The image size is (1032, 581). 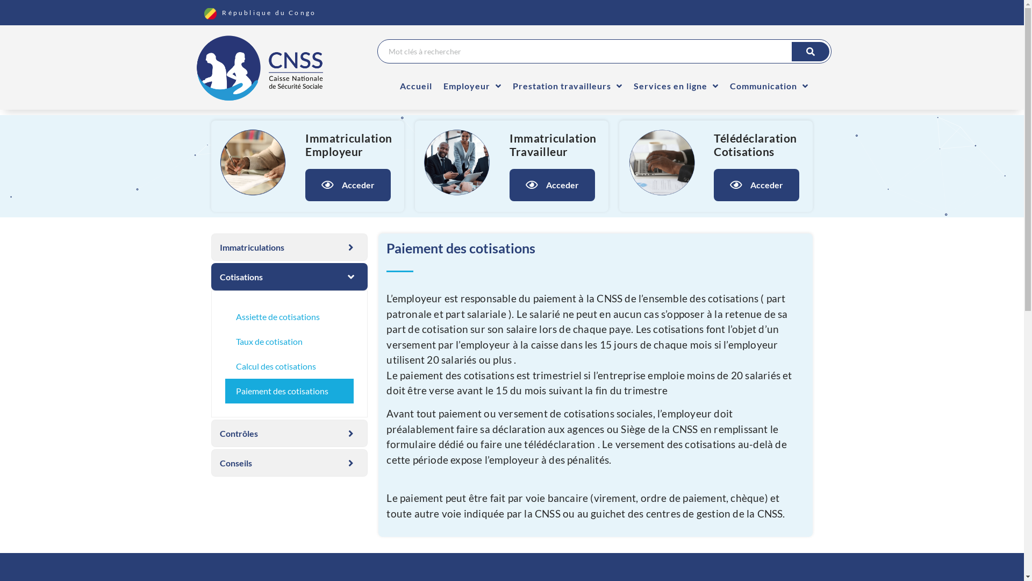 I want to click on 'Communication', so click(x=768, y=85).